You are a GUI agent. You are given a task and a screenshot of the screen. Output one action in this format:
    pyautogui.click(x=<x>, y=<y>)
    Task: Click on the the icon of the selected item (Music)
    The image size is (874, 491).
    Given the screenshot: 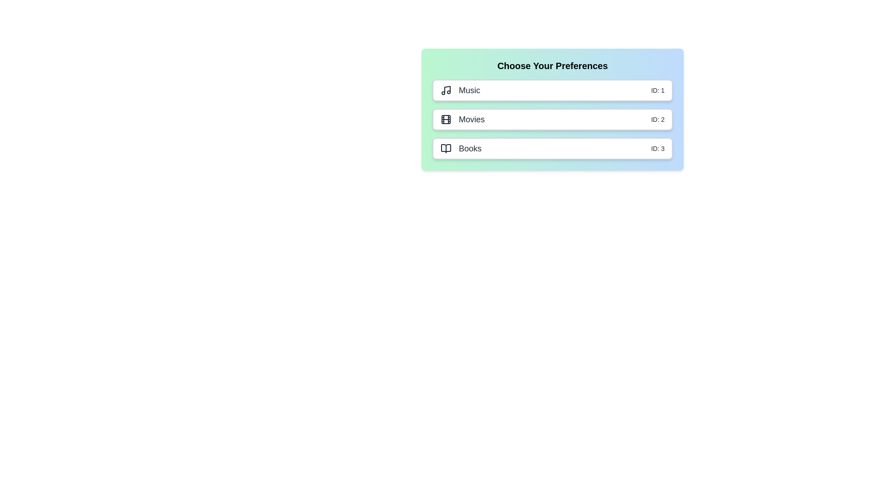 What is the action you would take?
    pyautogui.click(x=446, y=90)
    